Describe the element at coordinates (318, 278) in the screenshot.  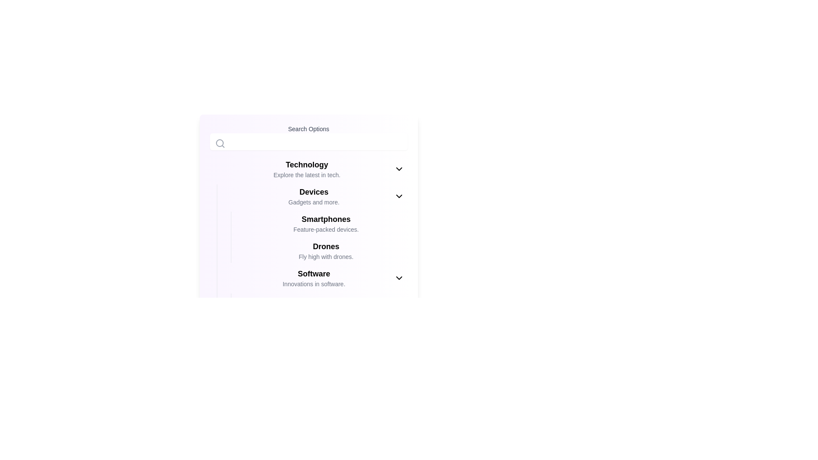
I see `the collapsible list item labeled 'Software' in the sidebar menu` at that location.